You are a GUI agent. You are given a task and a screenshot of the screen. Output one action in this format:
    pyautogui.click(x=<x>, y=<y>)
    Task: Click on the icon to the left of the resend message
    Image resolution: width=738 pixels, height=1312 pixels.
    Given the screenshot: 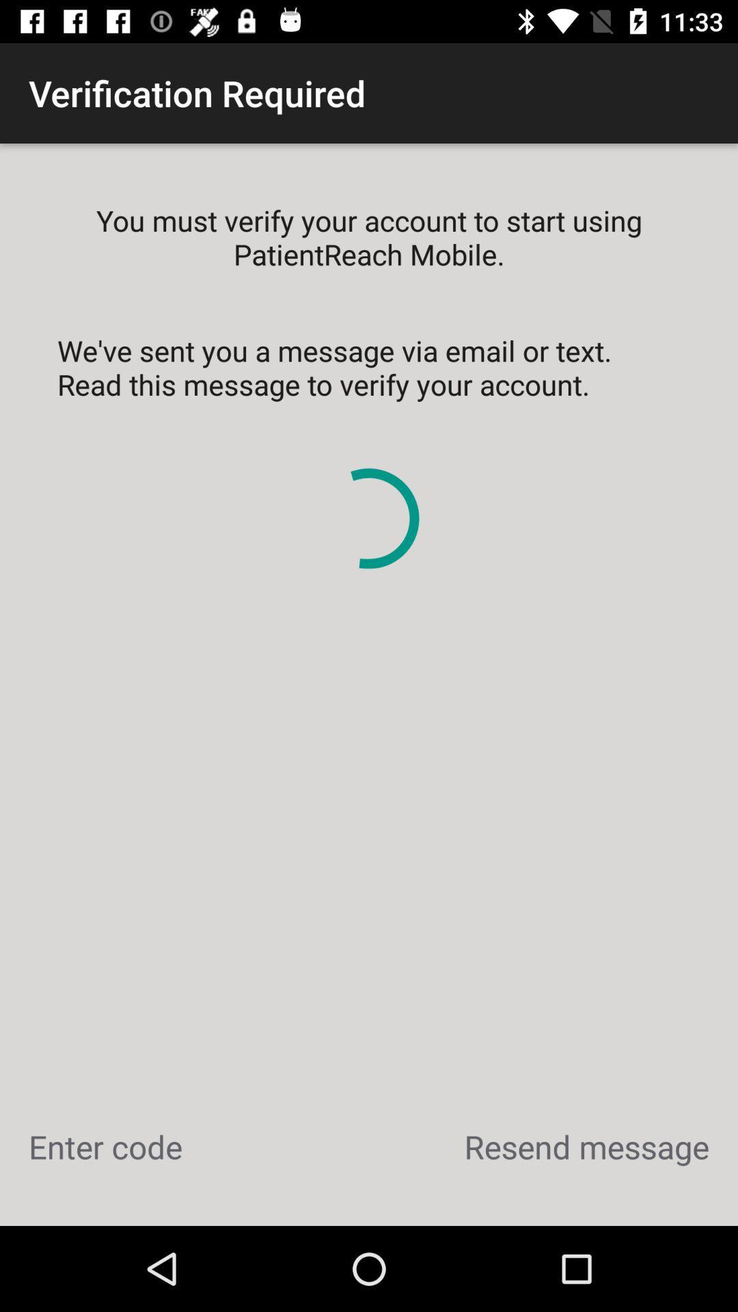 What is the action you would take?
    pyautogui.click(x=105, y=1147)
    